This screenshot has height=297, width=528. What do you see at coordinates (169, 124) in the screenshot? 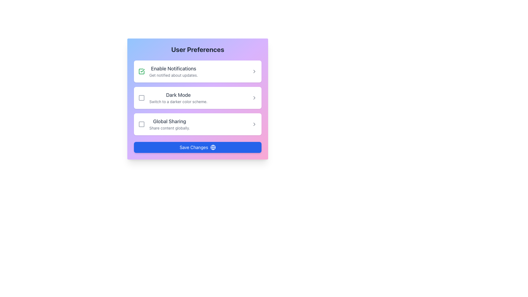
I see `the informational text group displaying 'Global Sharing' and 'Share content globally', which is located beneath the 'Dark Mode' section and above the 'Save Changes' button` at bounding box center [169, 124].